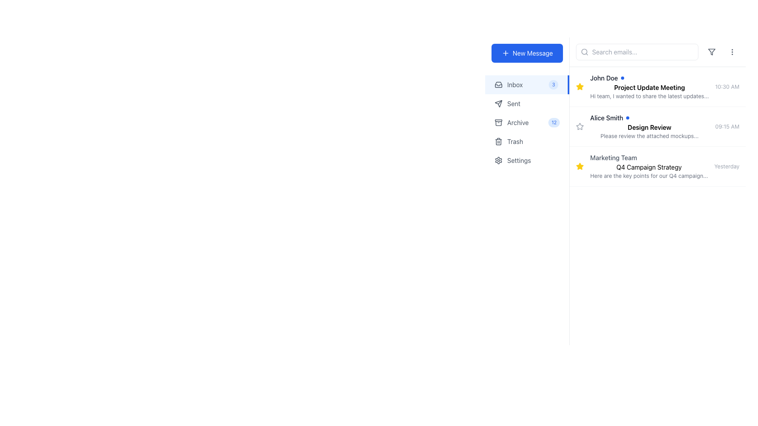 The image size is (758, 426). What do you see at coordinates (533, 53) in the screenshot?
I see `the 'New Message' text label, which is displayed in bold white font on a blue rectangular background within the button in the top-right section of the interface` at bounding box center [533, 53].